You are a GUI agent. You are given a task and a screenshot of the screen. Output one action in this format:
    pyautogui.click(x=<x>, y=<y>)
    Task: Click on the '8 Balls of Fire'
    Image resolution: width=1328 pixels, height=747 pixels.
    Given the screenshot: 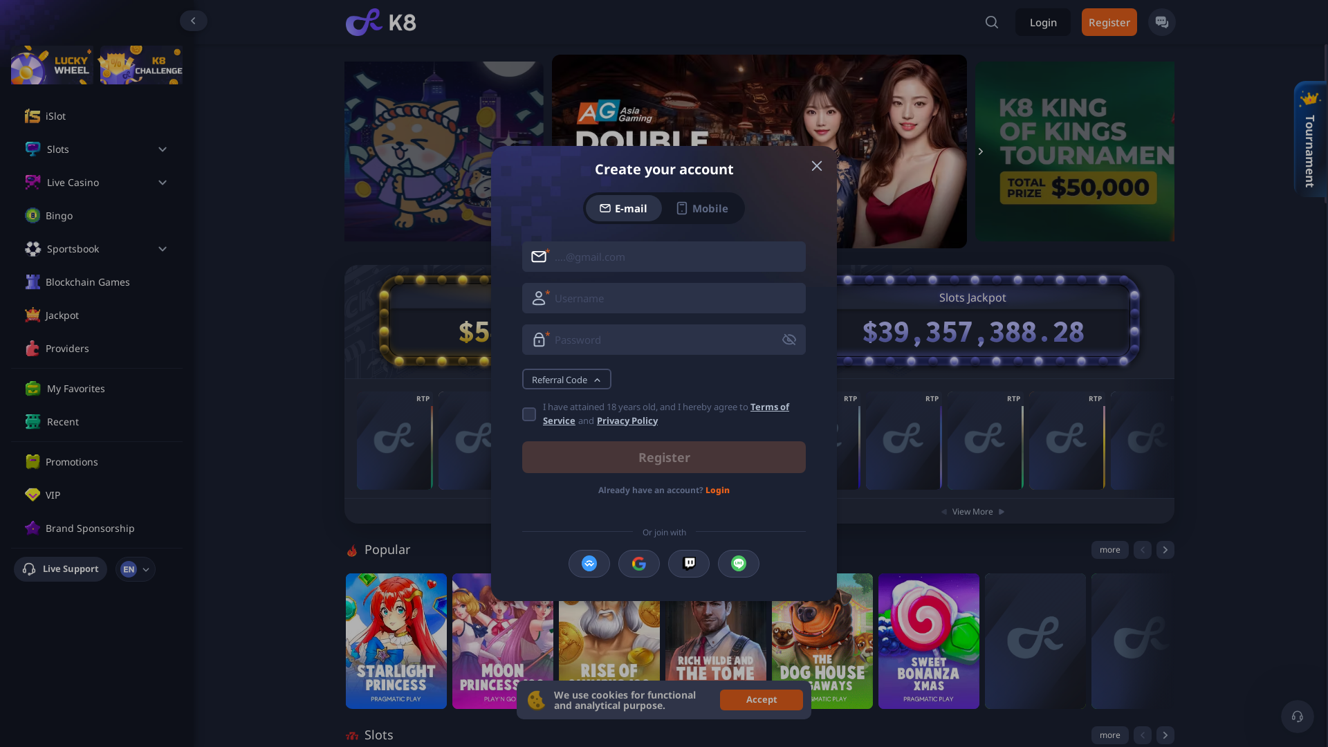 What is the action you would take?
    pyautogui.click(x=1148, y=440)
    